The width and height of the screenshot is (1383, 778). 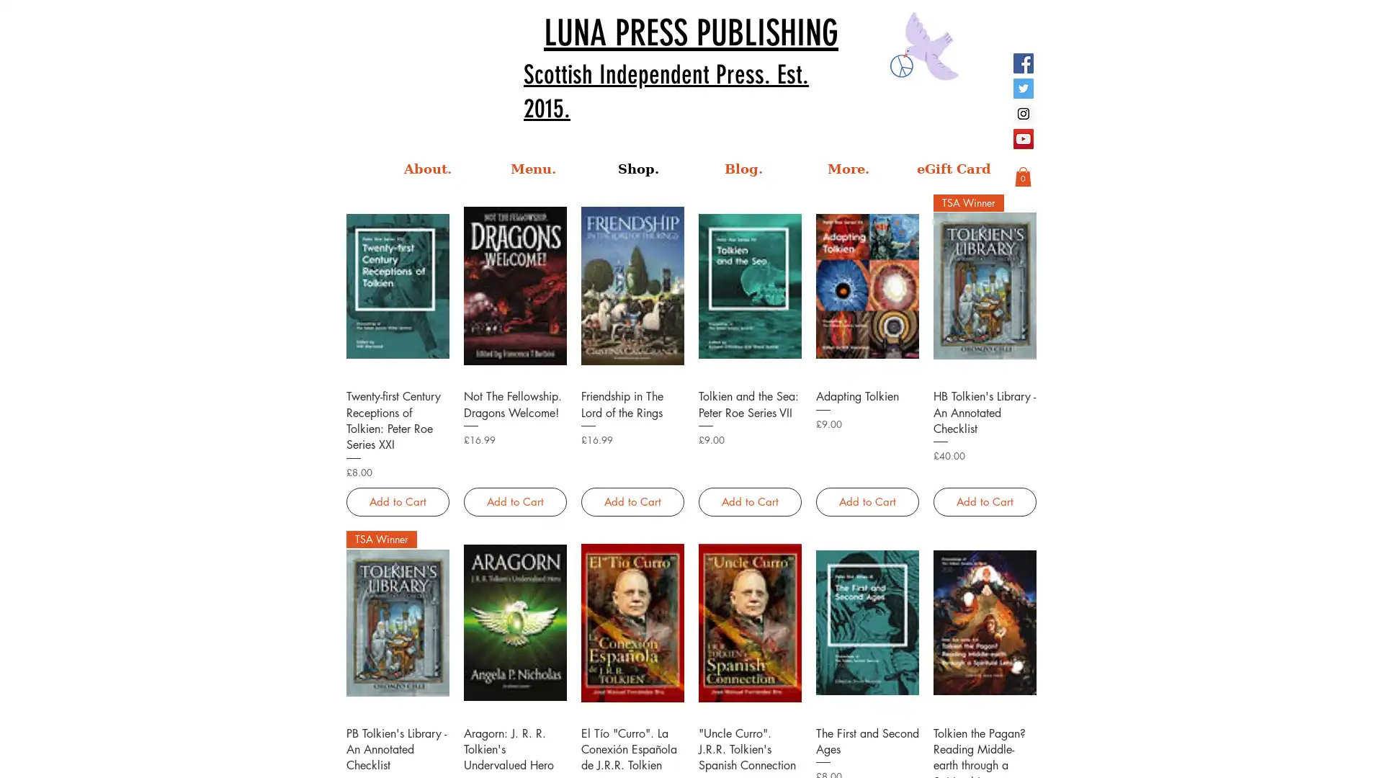 What do you see at coordinates (1240, 754) in the screenshot?
I see `Decline All` at bounding box center [1240, 754].